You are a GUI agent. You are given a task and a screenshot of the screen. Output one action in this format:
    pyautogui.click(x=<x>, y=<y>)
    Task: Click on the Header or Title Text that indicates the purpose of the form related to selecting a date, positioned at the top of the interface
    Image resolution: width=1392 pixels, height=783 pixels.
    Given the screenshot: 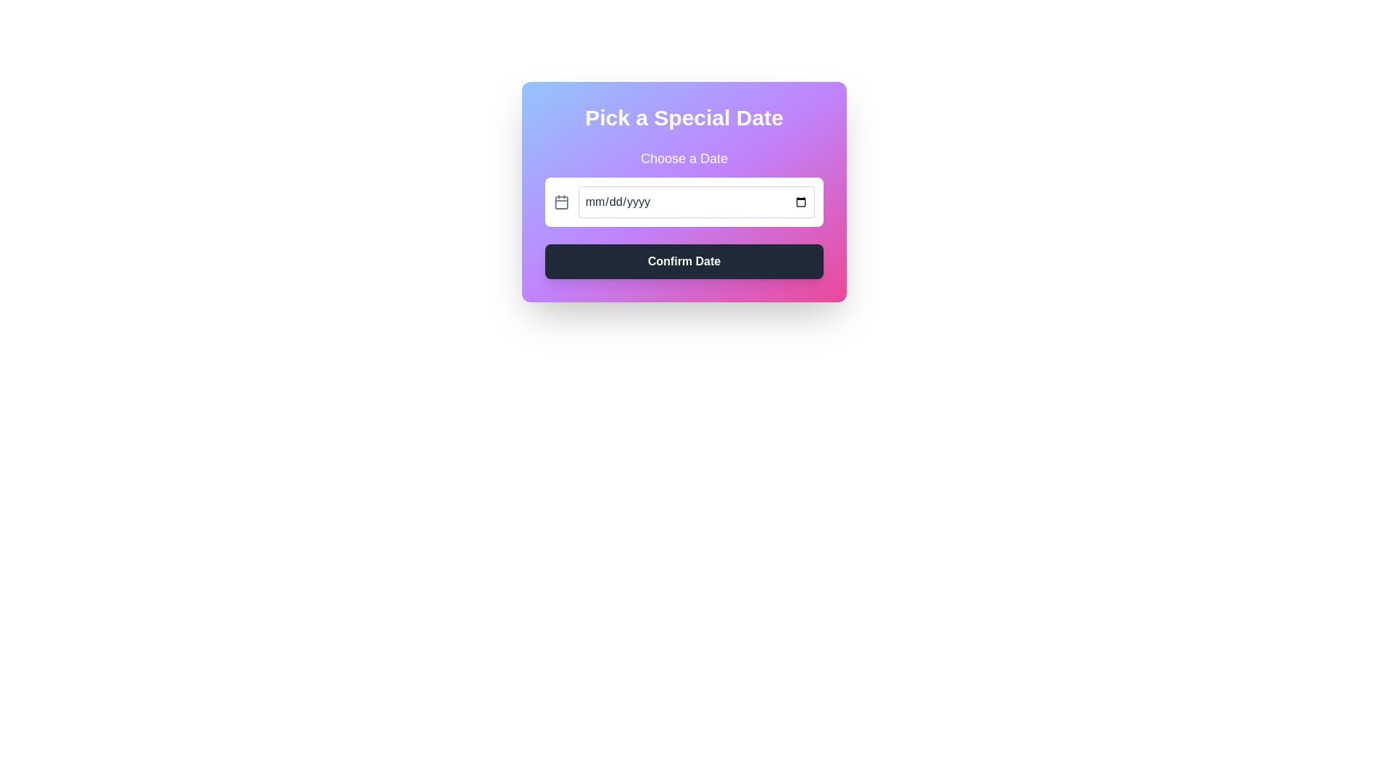 What is the action you would take?
    pyautogui.click(x=684, y=117)
    